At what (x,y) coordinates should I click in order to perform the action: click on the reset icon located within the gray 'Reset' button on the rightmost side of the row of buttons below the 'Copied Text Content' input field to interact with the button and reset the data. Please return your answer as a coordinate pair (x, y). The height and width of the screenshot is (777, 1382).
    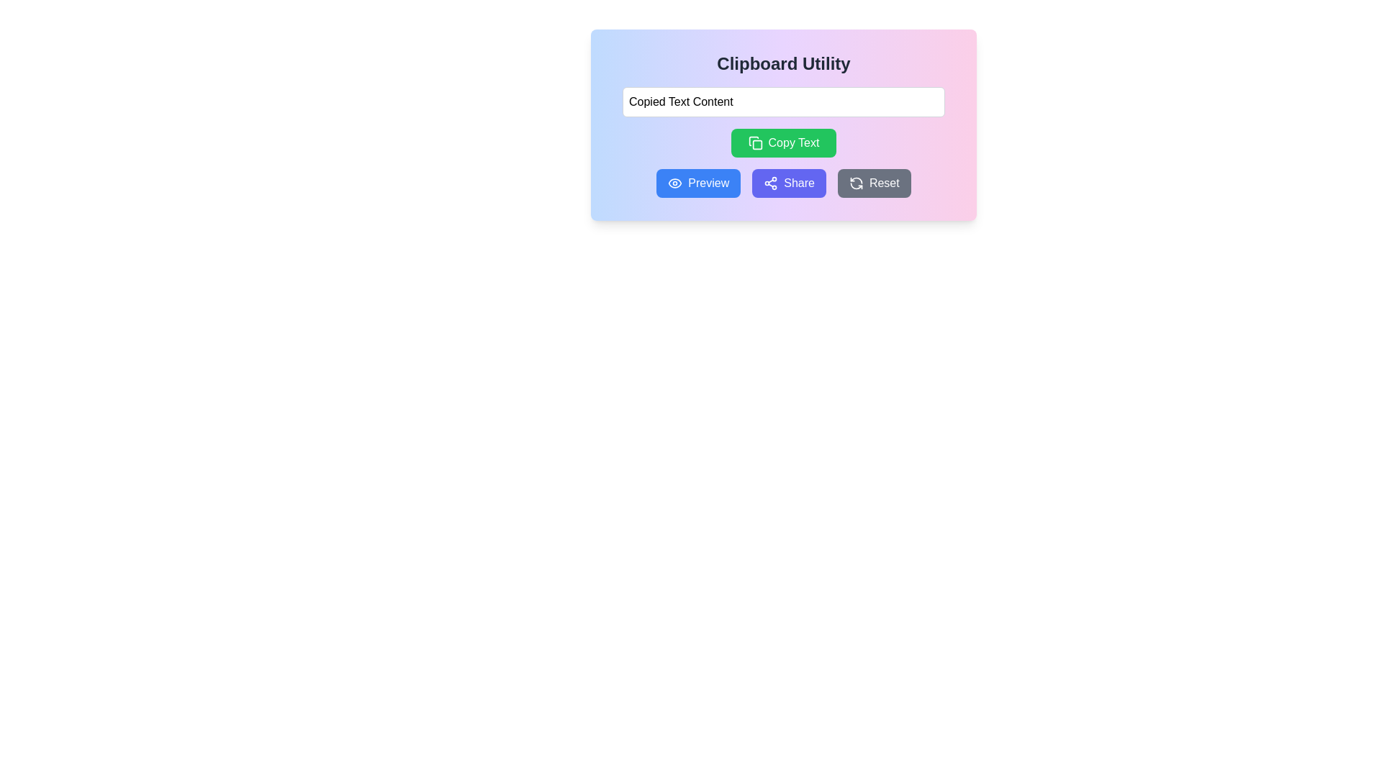
    Looking at the image, I should click on (856, 182).